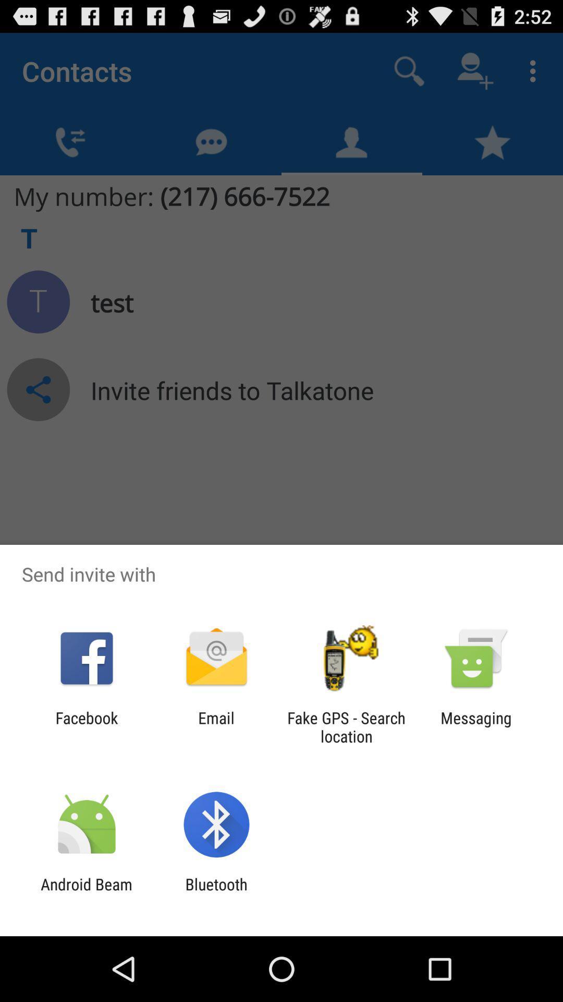 This screenshot has width=563, height=1002. I want to click on the item at the bottom right corner, so click(476, 726).